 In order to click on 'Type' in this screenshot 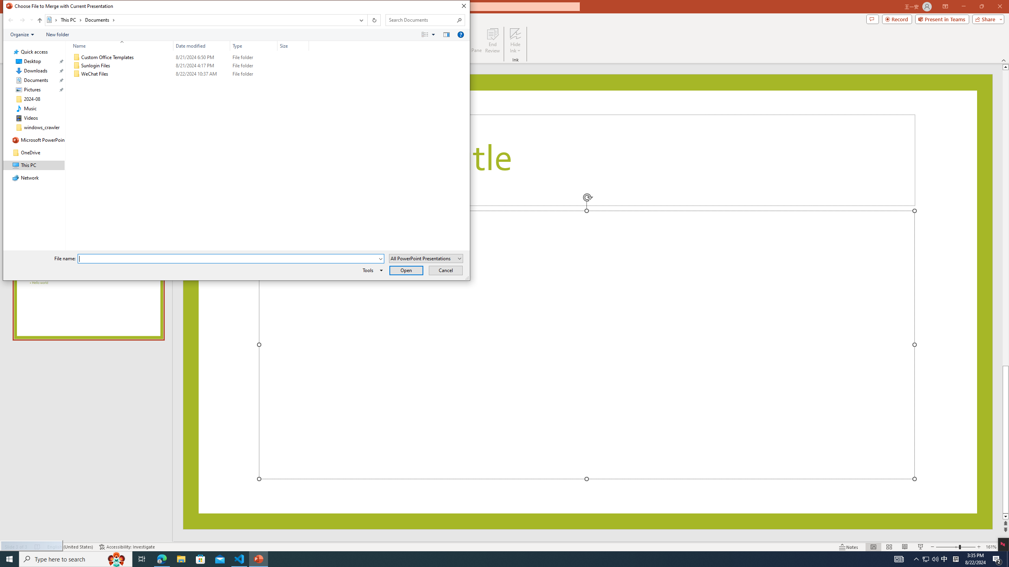, I will do `click(253, 45)`.